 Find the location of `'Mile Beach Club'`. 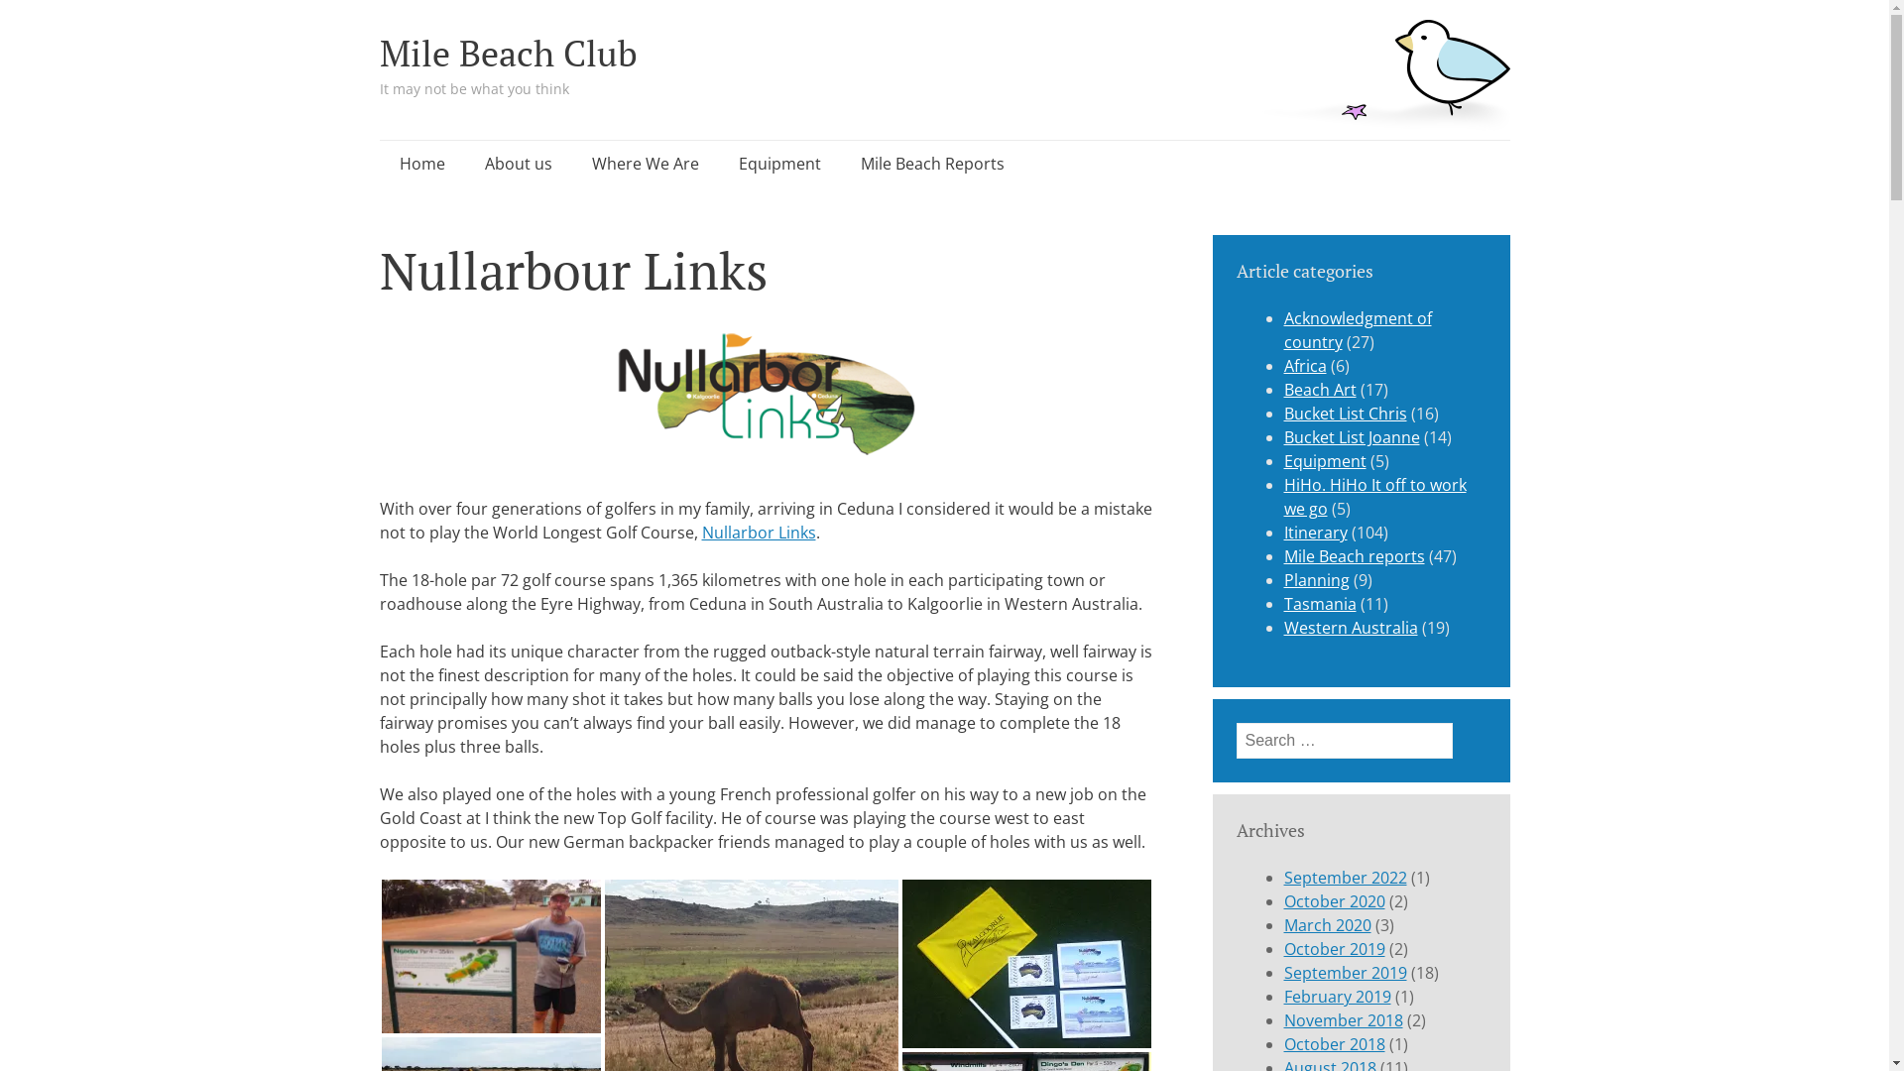

'Mile Beach Club' is located at coordinates (379, 52).